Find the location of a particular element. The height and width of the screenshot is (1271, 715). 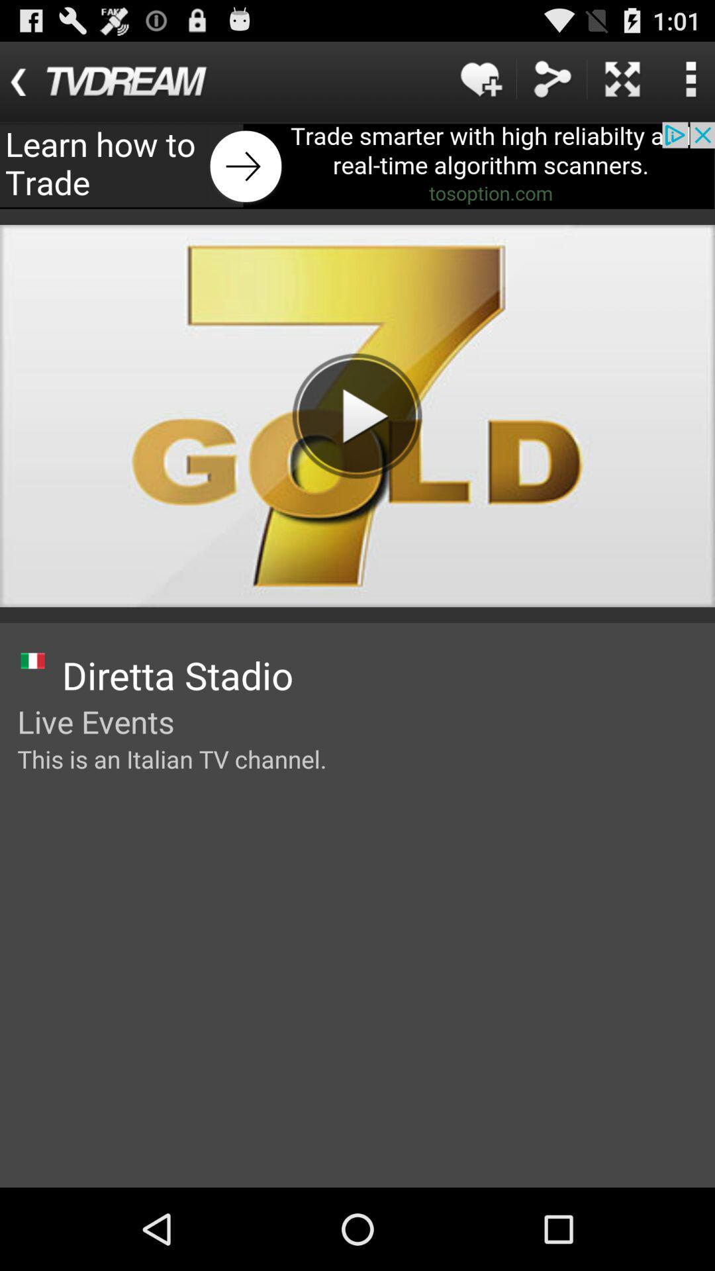

the button which is top right corner of the page is located at coordinates (690, 78).